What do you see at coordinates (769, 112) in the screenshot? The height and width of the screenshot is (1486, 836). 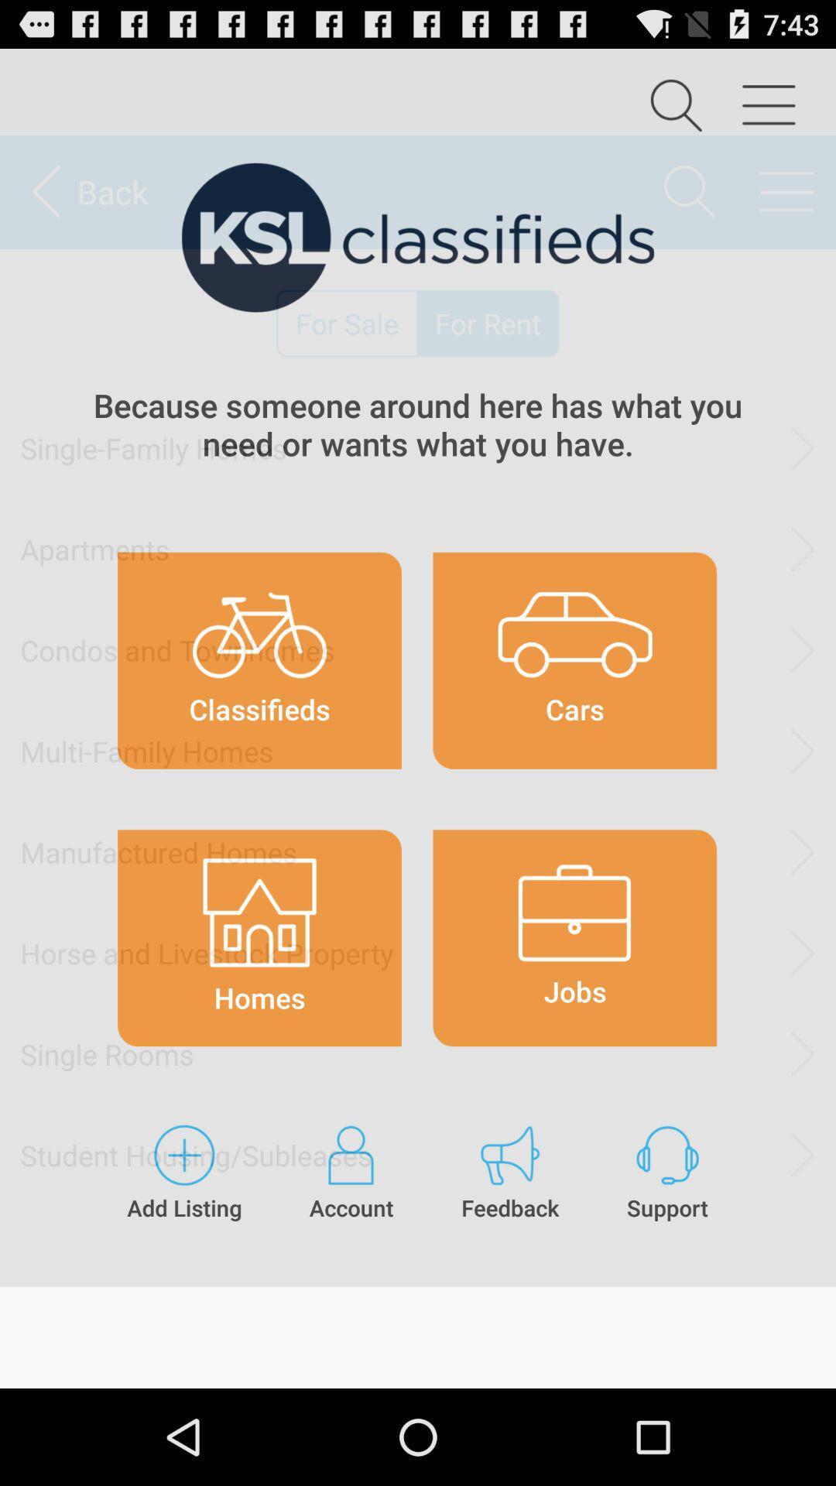 I see `the menu icon` at bounding box center [769, 112].